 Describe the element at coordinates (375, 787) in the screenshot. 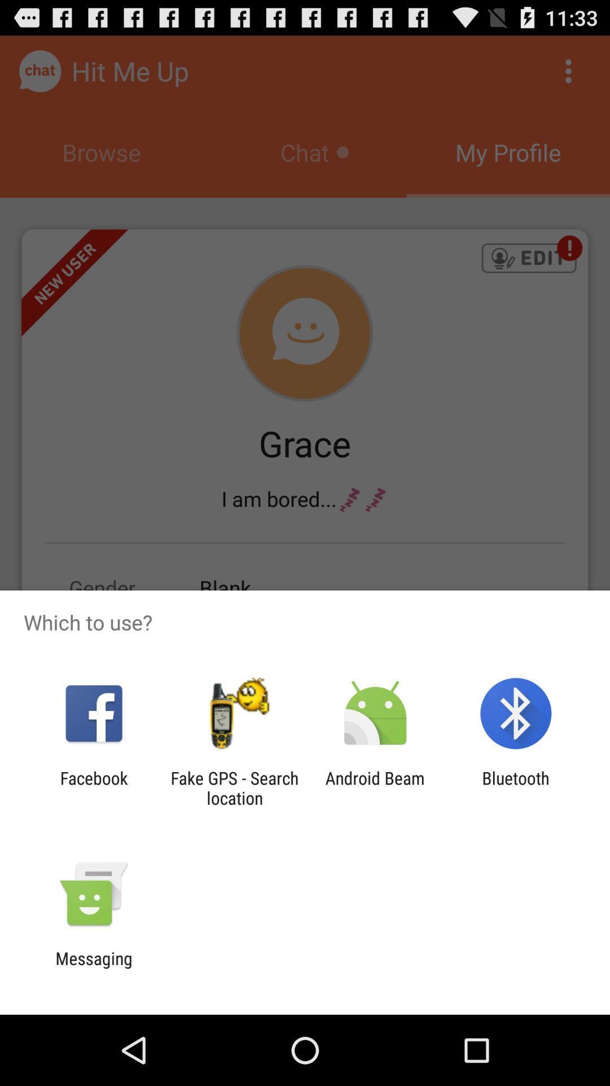

I see `android beam icon` at that location.